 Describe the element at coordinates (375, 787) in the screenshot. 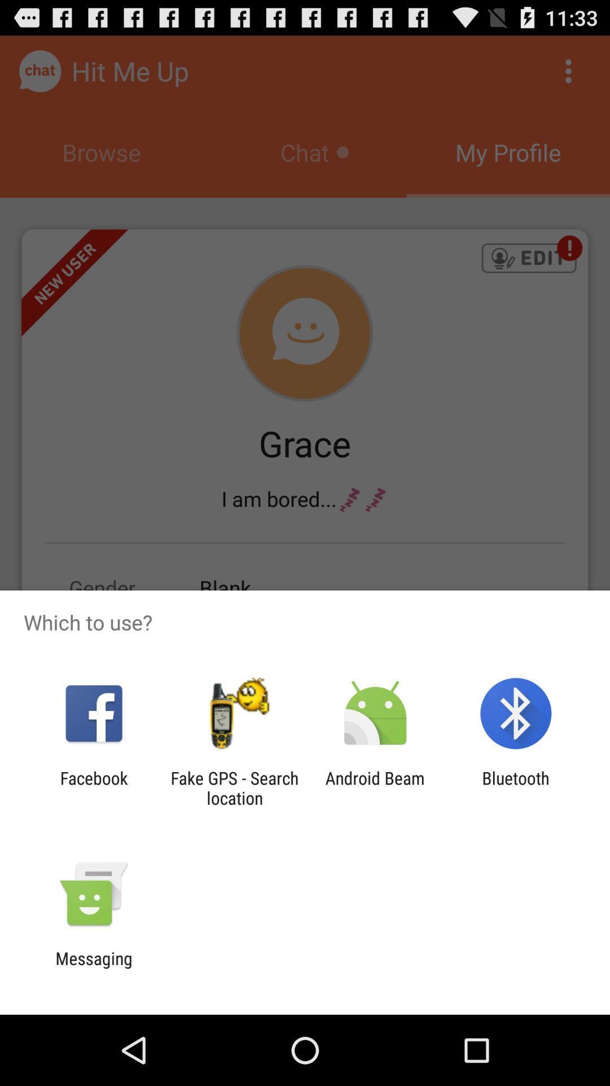

I see `android beam icon` at that location.